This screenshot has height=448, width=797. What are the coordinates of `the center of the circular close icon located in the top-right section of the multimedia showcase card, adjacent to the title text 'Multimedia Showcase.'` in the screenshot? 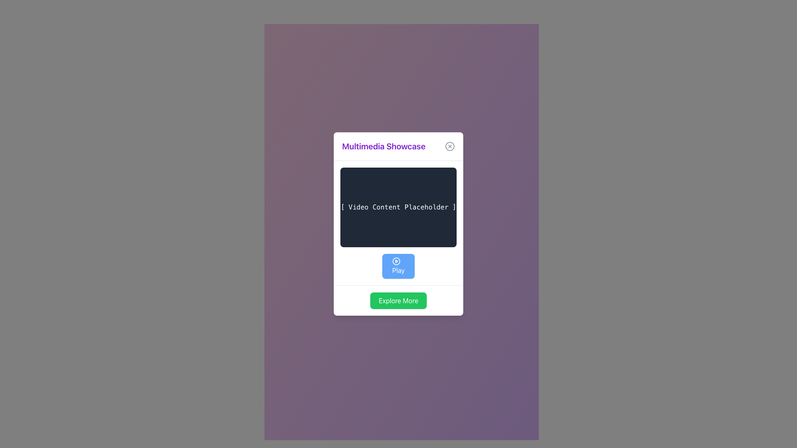 It's located at (449, 146).